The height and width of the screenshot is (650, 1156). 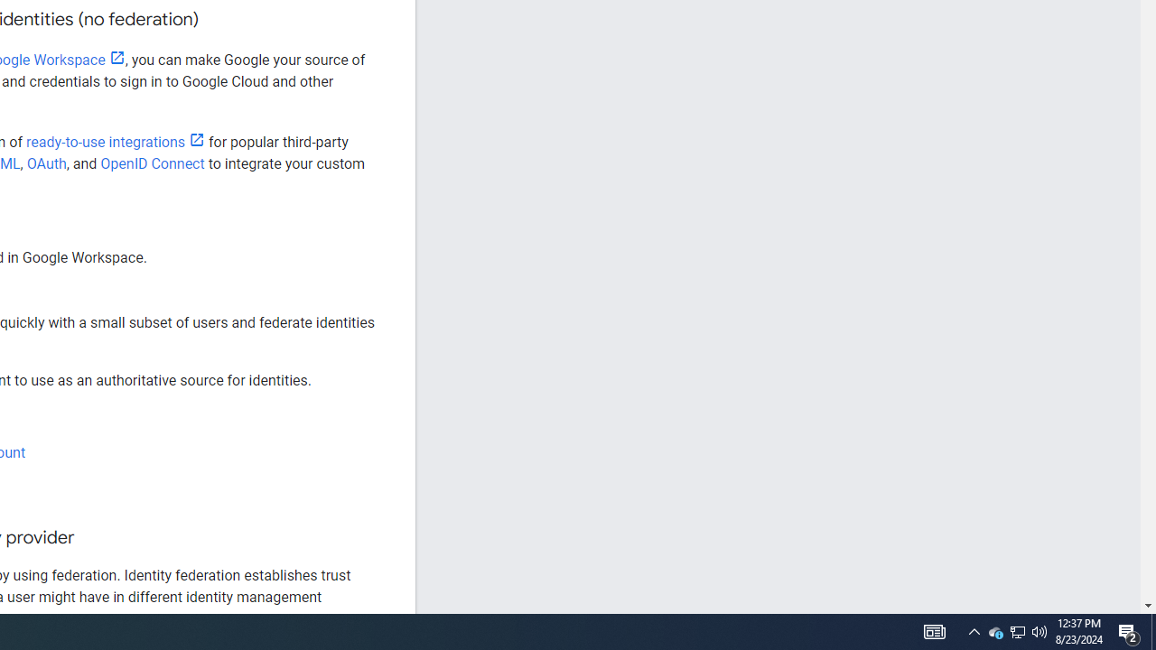 I want to click on 'ready-to-use integrations', so click(x=115, y=141).